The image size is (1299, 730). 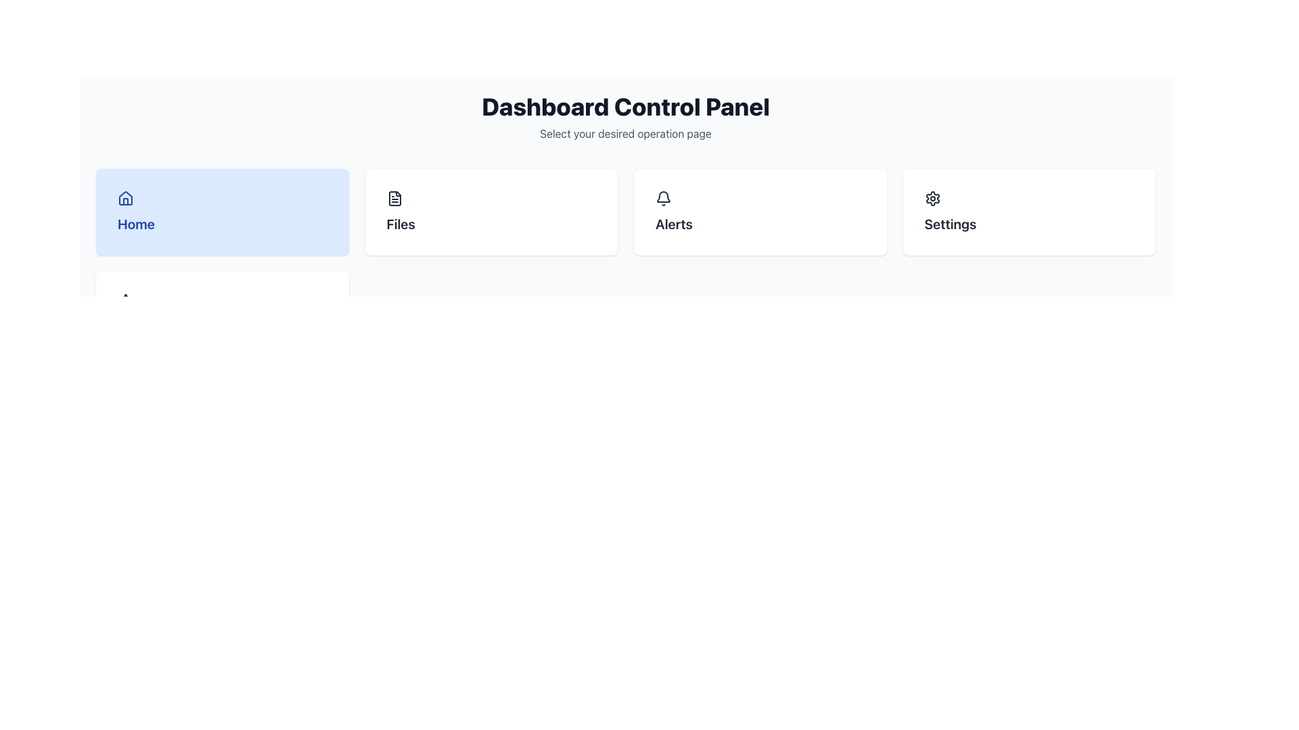 What do you see at coordinates (126, 300) in the screenshot?
I see `the star icon located in the lower-left portion of the interface, beneath the navigation options like 'Home' and 'Files', which serves as a decorative element possibly for marking favorites or providing visual feedback` at bounding box center [126, 300].